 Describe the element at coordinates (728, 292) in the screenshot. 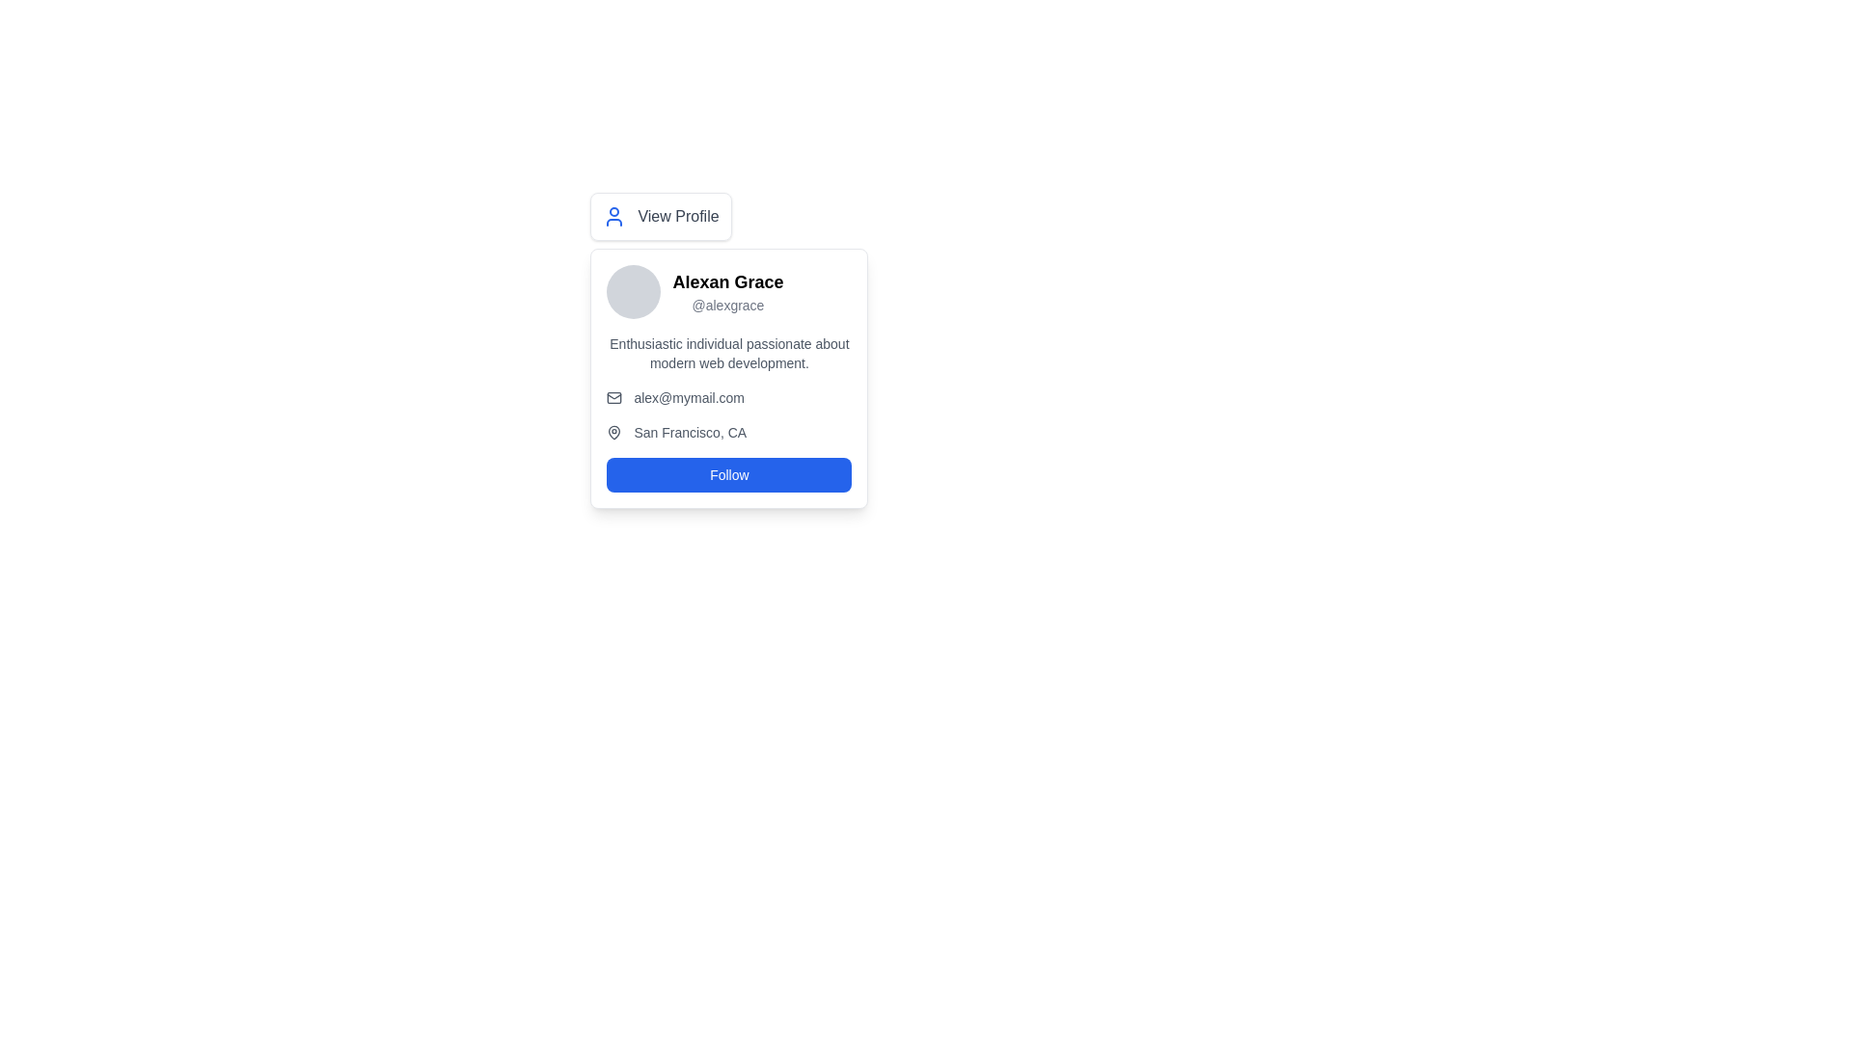

I see `the Profile display section containing the user profile with the name 'Alexan Grace' and handle '@alexgrace'` at that location.